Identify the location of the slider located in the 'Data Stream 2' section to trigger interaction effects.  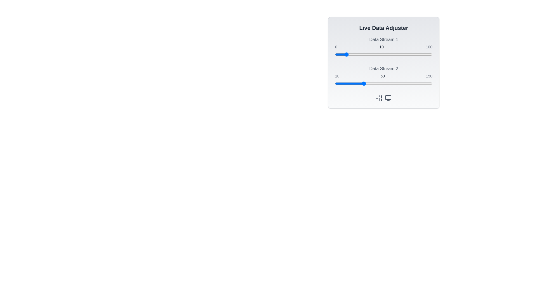
(383, 84).